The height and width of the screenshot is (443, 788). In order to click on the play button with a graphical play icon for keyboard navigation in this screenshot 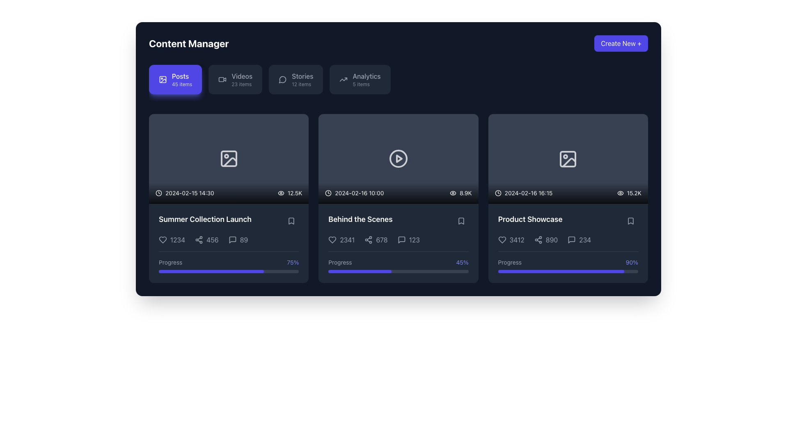, I will do `click(398, 159)`.